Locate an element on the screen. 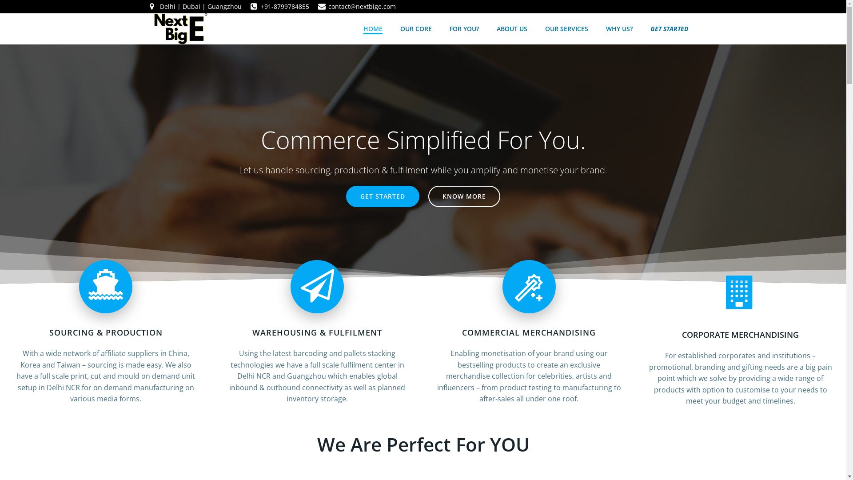 The image size is (853, 480). 'OUR SERVICES' is located at coordinates (566, 28).